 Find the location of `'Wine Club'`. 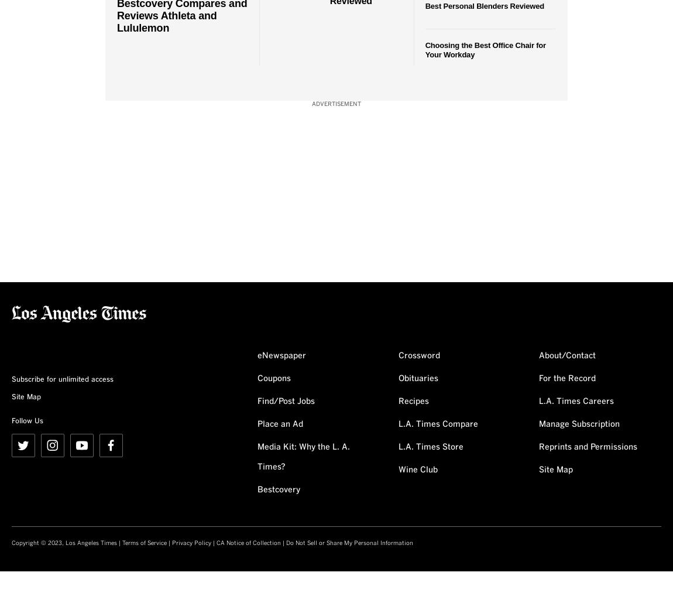

'Wine Club' is located at coordinates (417, 470).